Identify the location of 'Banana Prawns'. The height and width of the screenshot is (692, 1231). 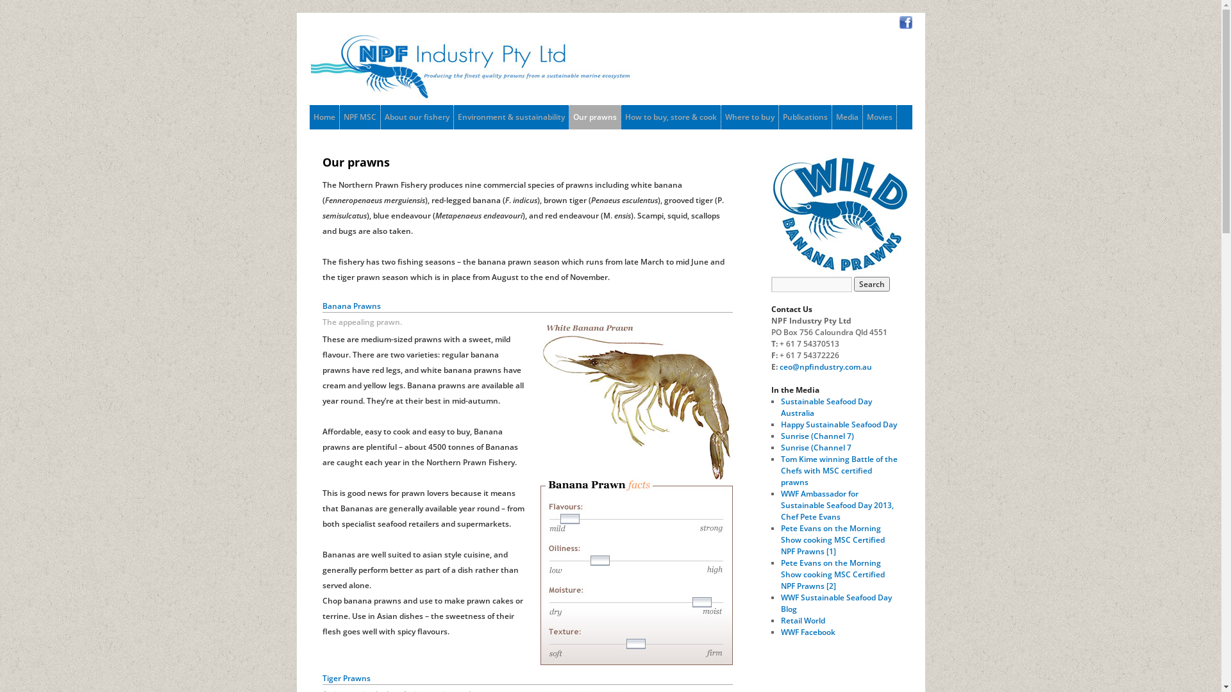
(539, 491).